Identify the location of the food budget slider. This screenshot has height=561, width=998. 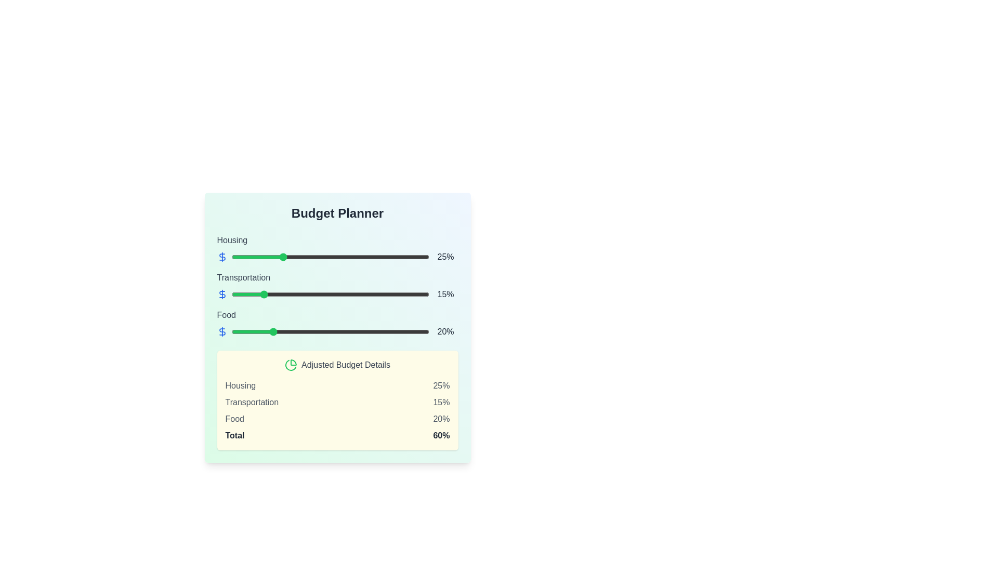
(292, 332).